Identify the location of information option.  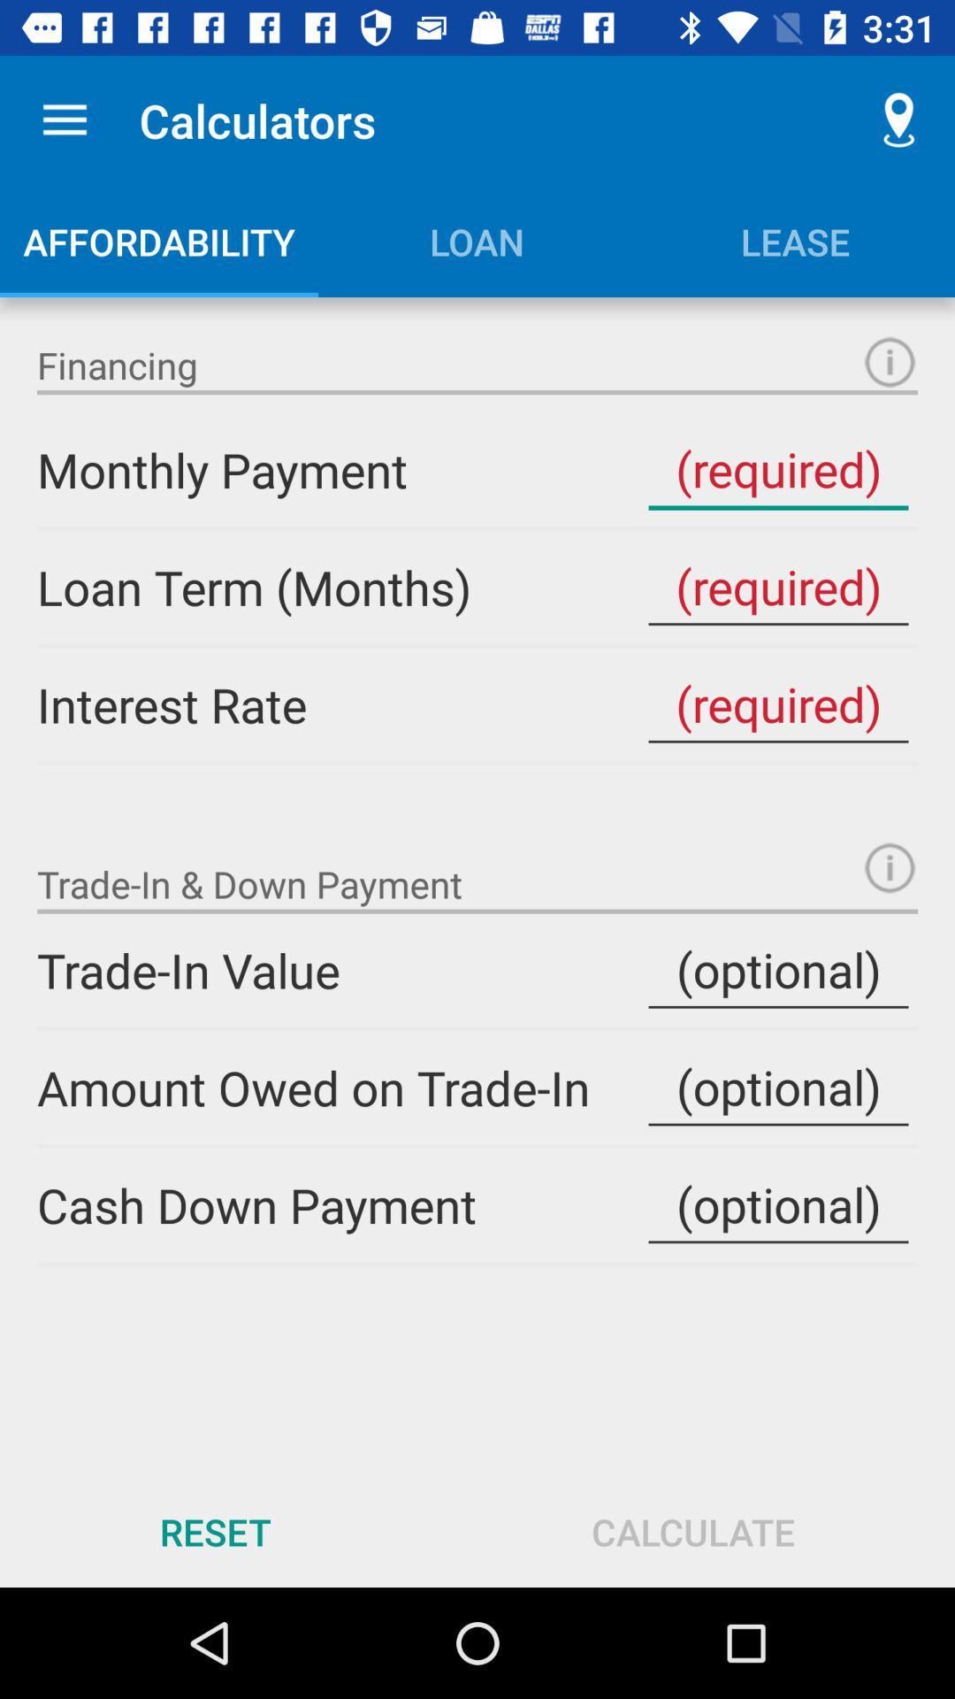
(890, 361).